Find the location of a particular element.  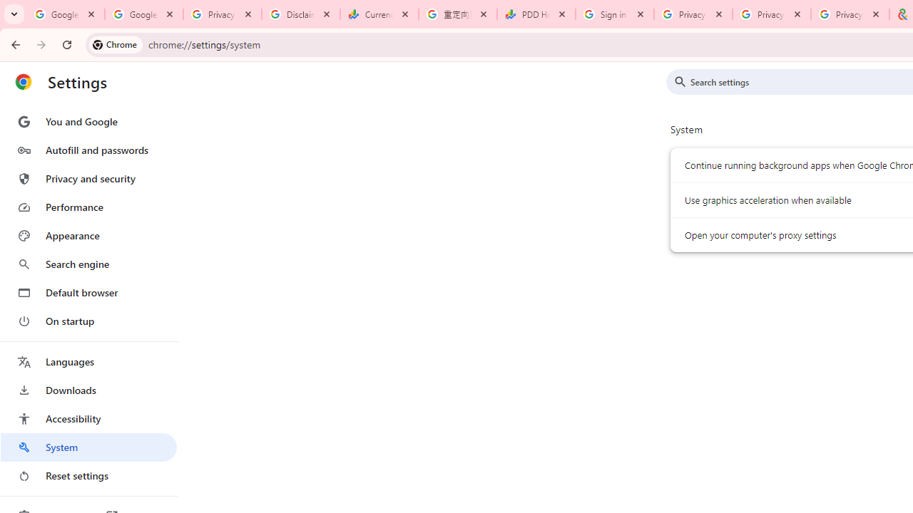

'PDD Holdings Inc - ADR (PDD) Price & News - Google Finance' is located at coordinates (536, 14).